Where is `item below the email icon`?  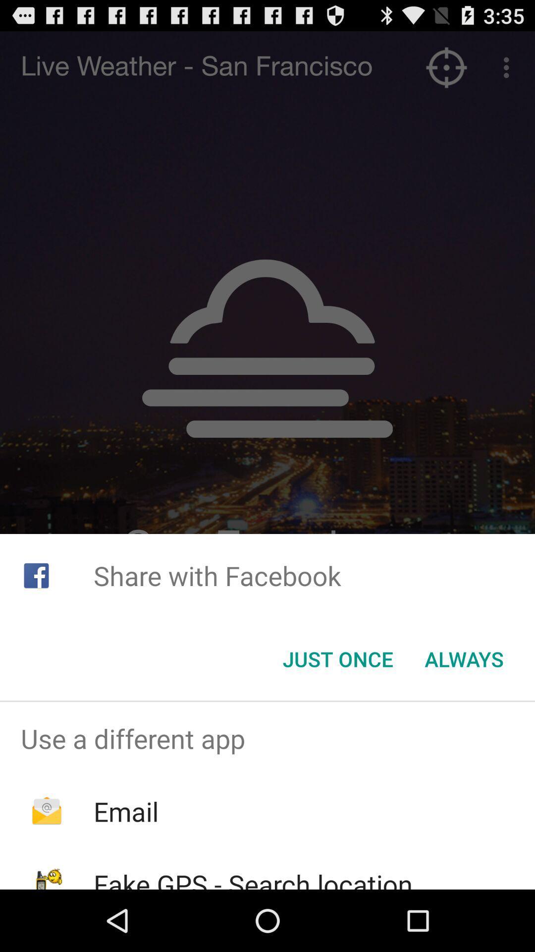 item below the email icon is located at coordinates (253, 878).